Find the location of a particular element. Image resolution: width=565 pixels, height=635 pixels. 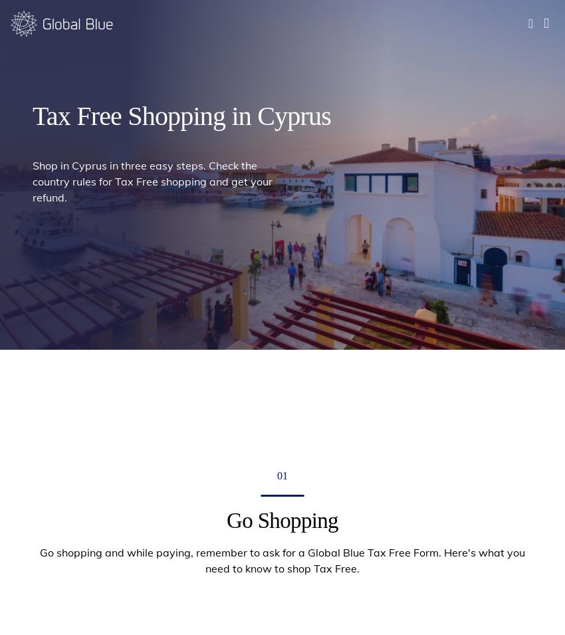

'Go Shopping' is located at coordinates (122, 54).